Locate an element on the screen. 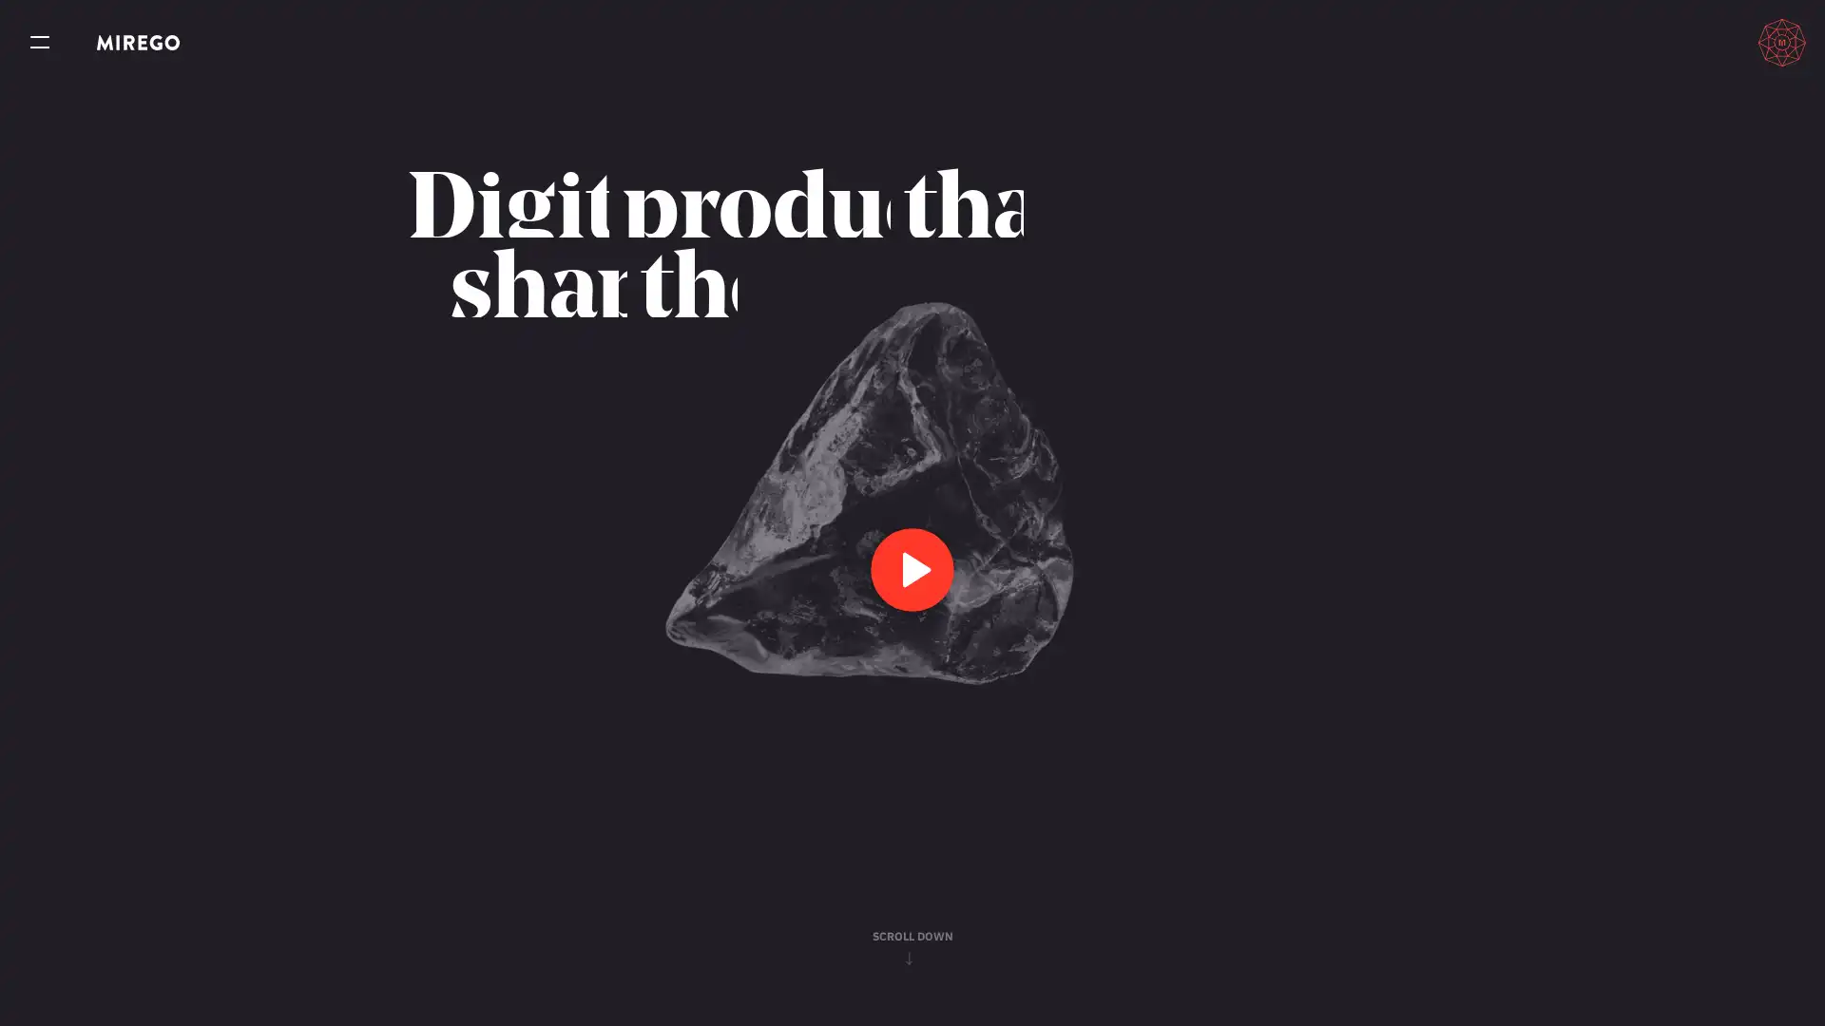 This screenshot has height=1026, width=1825. Passer a la version francaise is located at coordinates (1693, 42).